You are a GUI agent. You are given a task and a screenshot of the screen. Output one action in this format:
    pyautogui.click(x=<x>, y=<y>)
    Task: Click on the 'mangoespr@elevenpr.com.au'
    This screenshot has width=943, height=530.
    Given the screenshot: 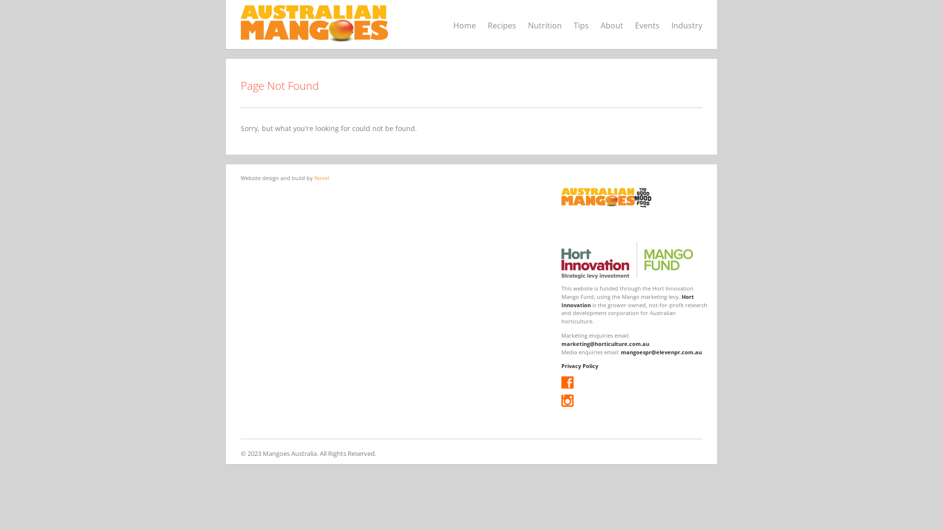 What is the action you would take?
    pyautogui.click(x=620, y=351)
    